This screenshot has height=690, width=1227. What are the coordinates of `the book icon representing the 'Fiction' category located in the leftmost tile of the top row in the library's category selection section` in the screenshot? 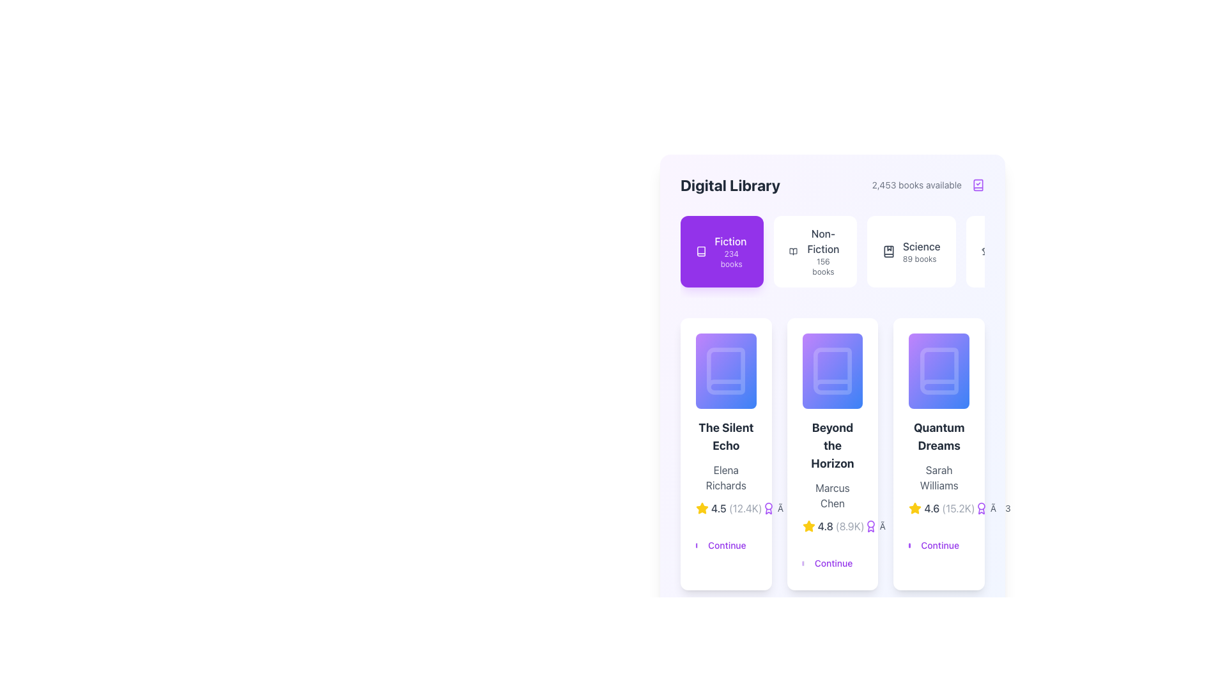 It's located at (700, 251).